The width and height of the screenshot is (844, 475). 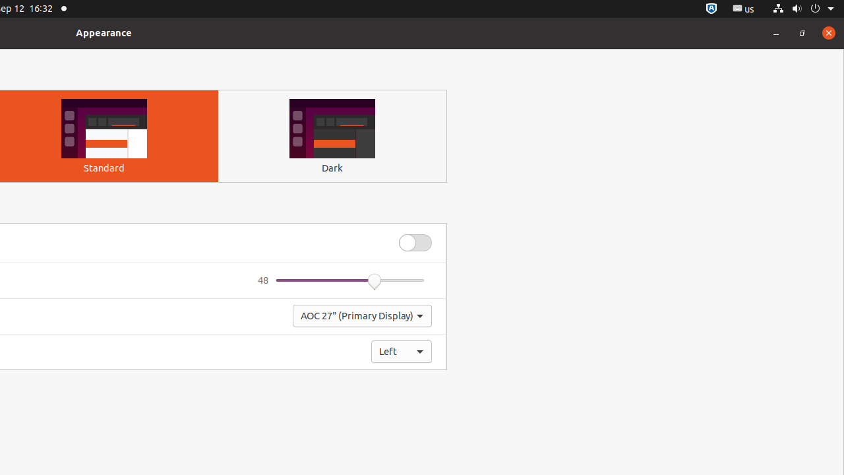 What do you see at coordinates (775, 32) in the screenshot?
I see `'Minimize'` at bounding box center [775, 32].